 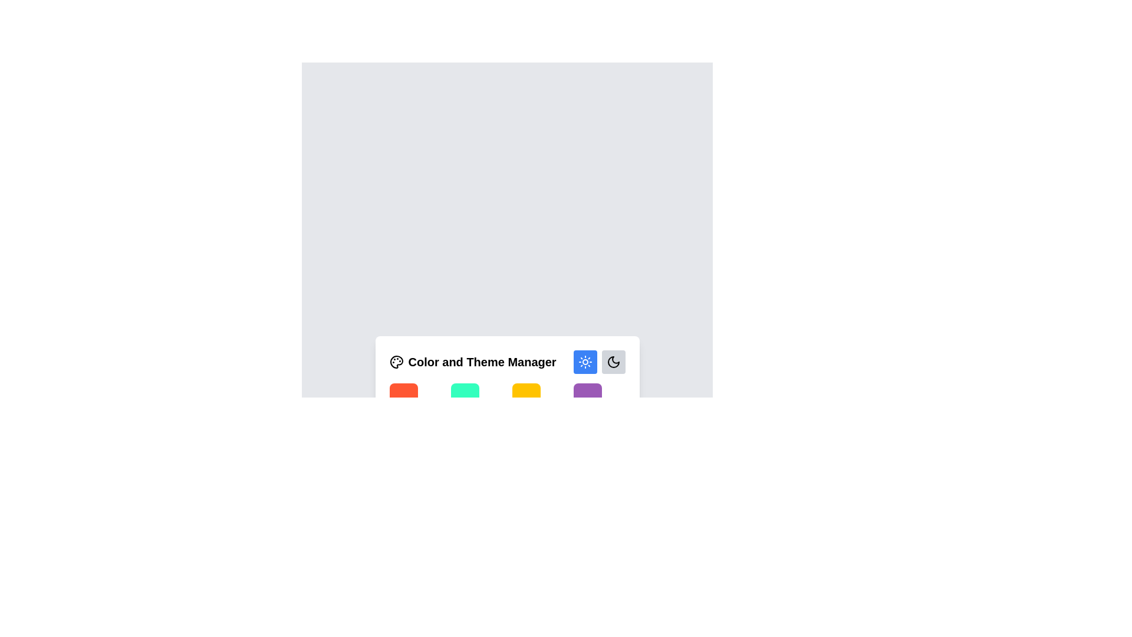 I want to click on the circular crescent moon icon, which is the third icon from the left in the group next to the 'Color and Theme Manager' label, so click(x=613, y=361).